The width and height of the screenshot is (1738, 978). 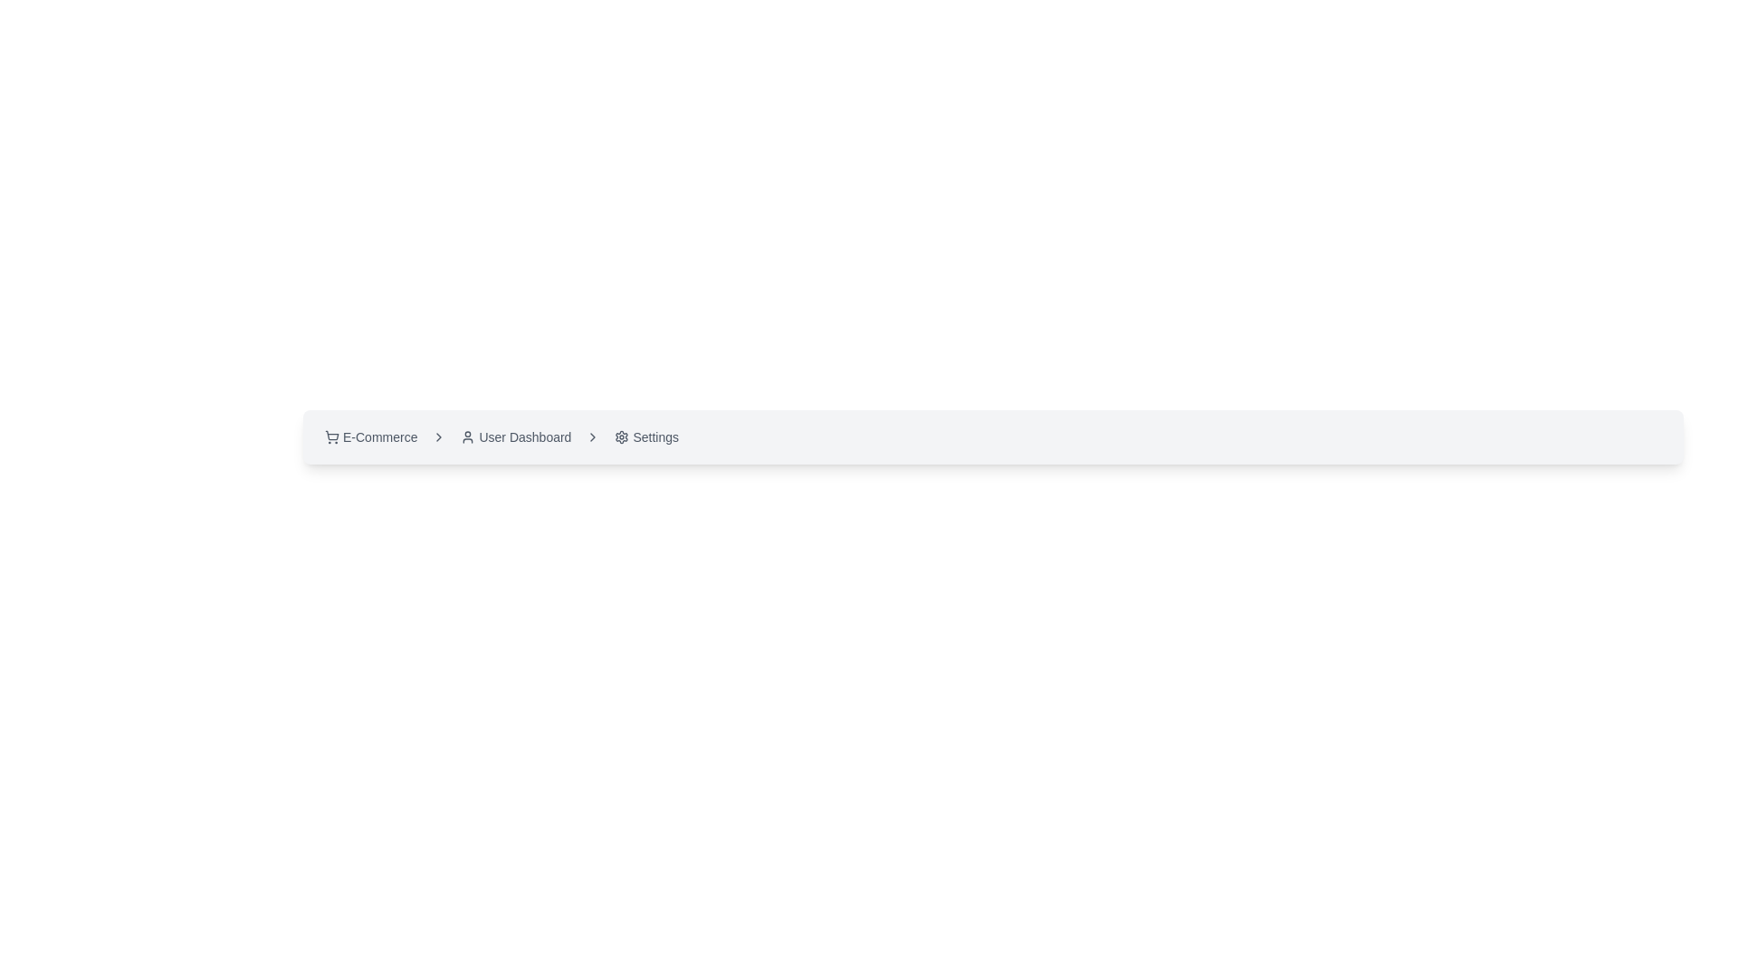 I want to click on the 'Settings' button in the breadcrumb navigation bar to trigger highlighting, so click(x=646, y=436).